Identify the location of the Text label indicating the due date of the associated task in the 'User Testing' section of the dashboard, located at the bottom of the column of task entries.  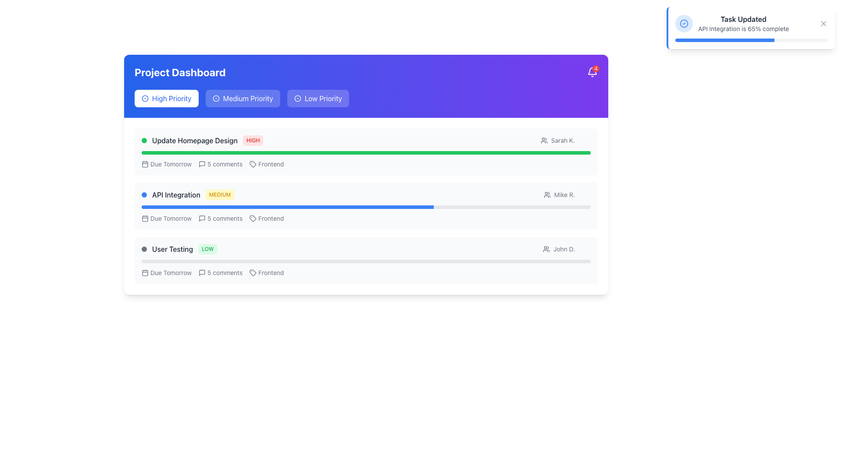
(167, 272).